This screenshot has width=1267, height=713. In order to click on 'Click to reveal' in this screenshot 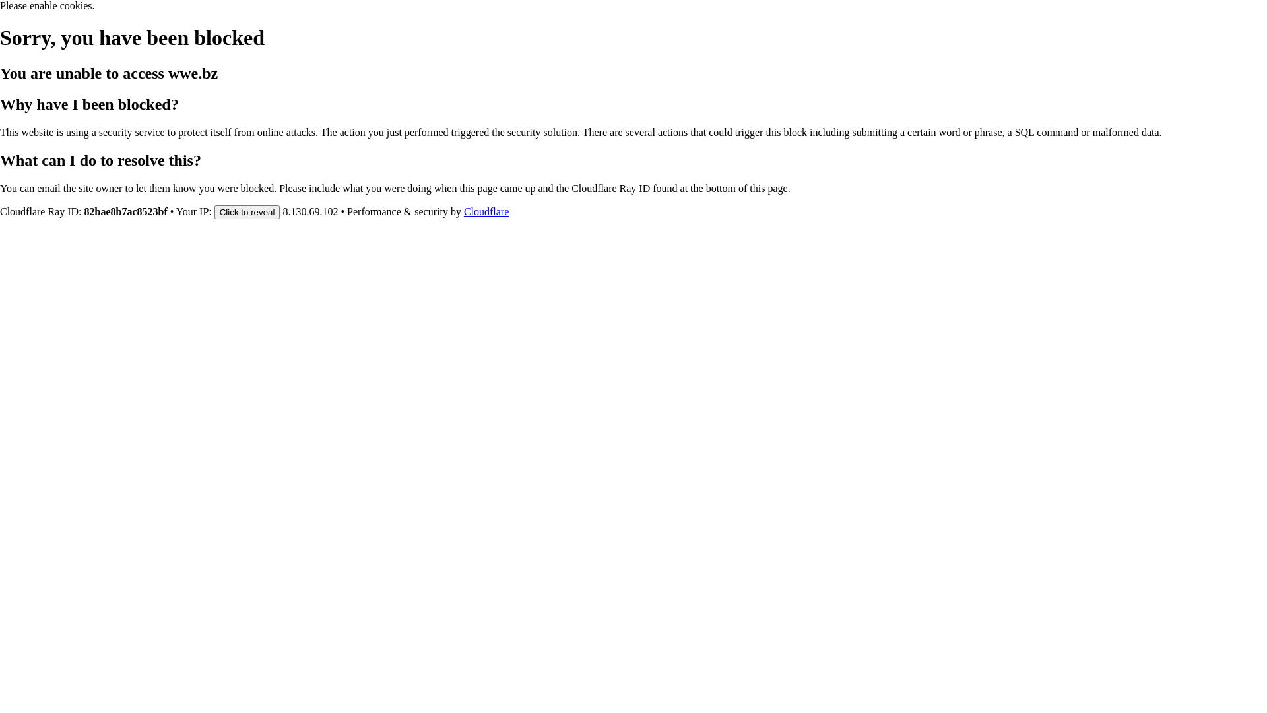, I will do `click(247, 211)`.